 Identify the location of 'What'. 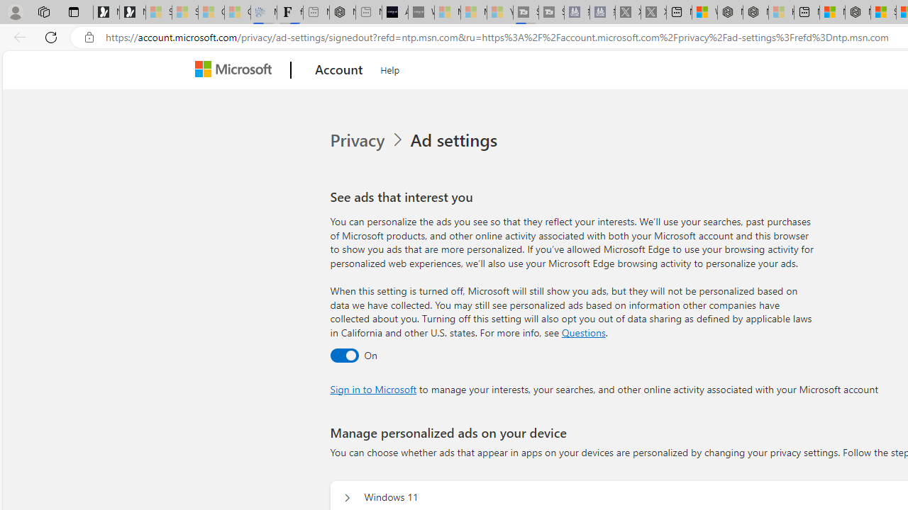
(420, 12).